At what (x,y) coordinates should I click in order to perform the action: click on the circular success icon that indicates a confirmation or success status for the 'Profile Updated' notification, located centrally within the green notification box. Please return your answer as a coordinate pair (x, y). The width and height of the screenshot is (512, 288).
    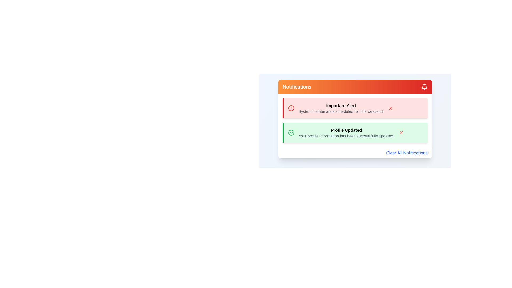
    Looking at the image, I should click on (292, 132).